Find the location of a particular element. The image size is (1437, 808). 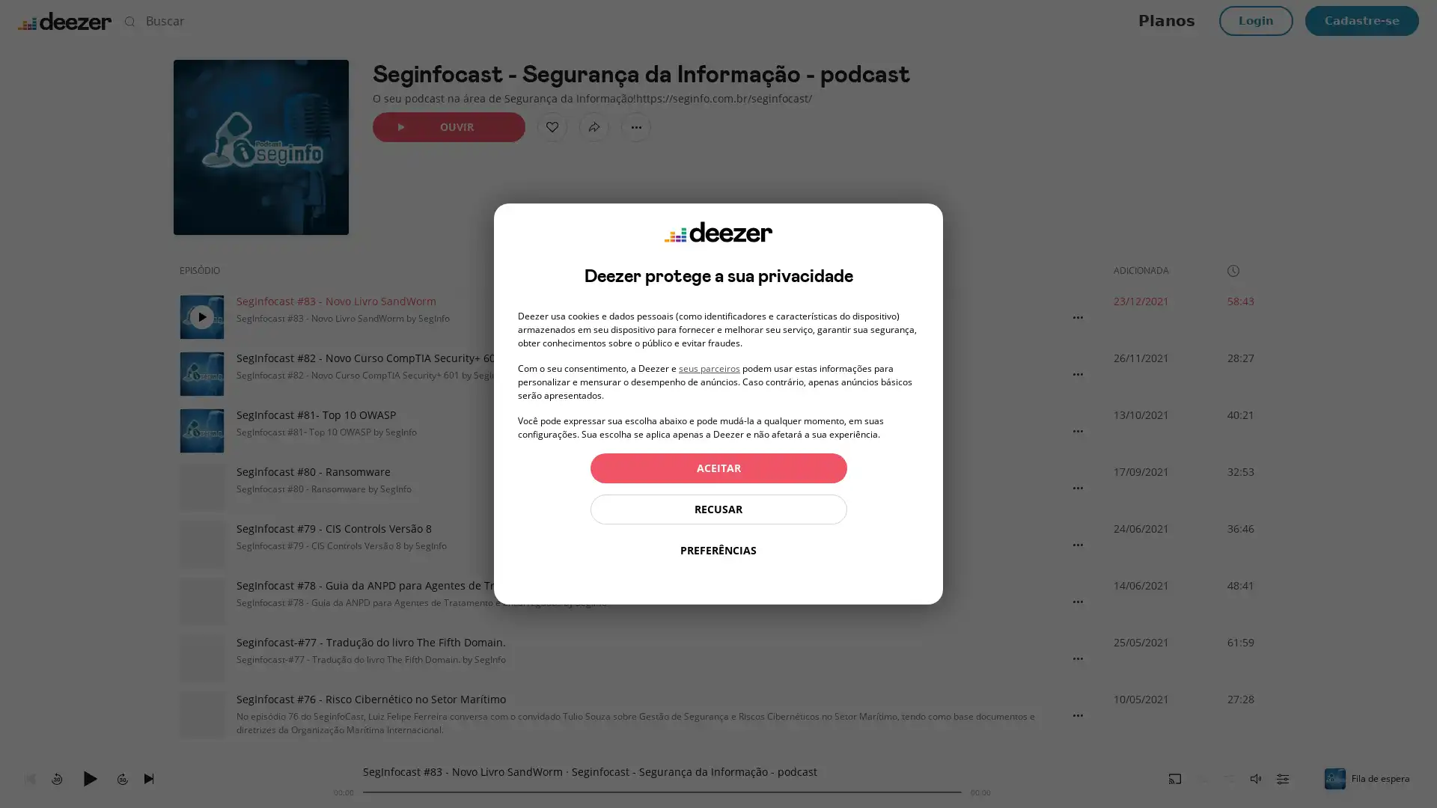

Tocar SegInfocast #76 - Risco Cibernetico no Setor Maritimo por Seginfocast - Seguranca da Informacao - podcast is located at coordinates (201, 714).